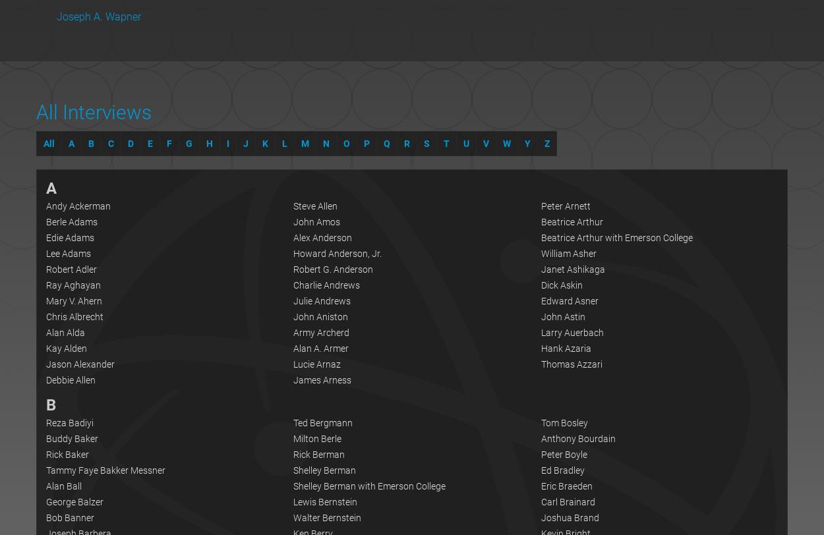 This screenshot has height=535, width=824. What do you see at coordinates (320, 347) in the screenshot?
I see `'Alan A. Armer'` at bounding box center [320, 347].